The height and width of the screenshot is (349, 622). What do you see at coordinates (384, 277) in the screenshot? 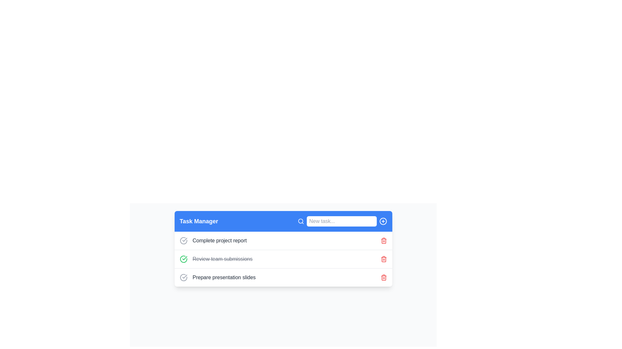
I see `the delete button icon located at the rightmost side of the row containing the task 'Prepare presentation slides'` at bounding box center [384, 277].